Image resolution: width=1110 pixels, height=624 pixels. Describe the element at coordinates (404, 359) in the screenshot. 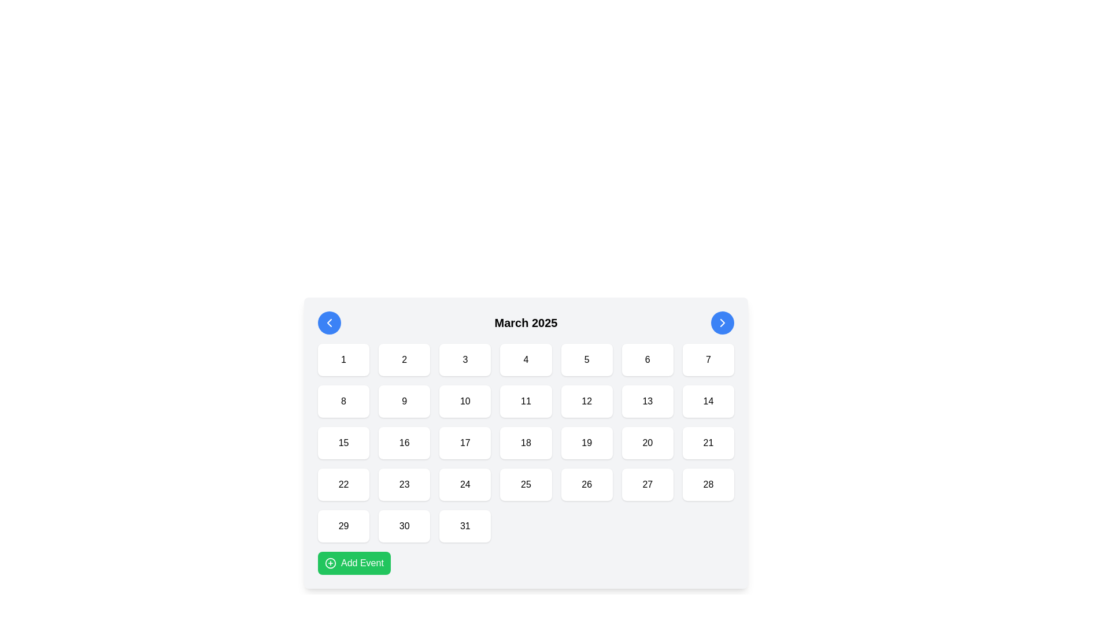

I see `the square button with a white background and the number '2' displayed in black text` at that location.